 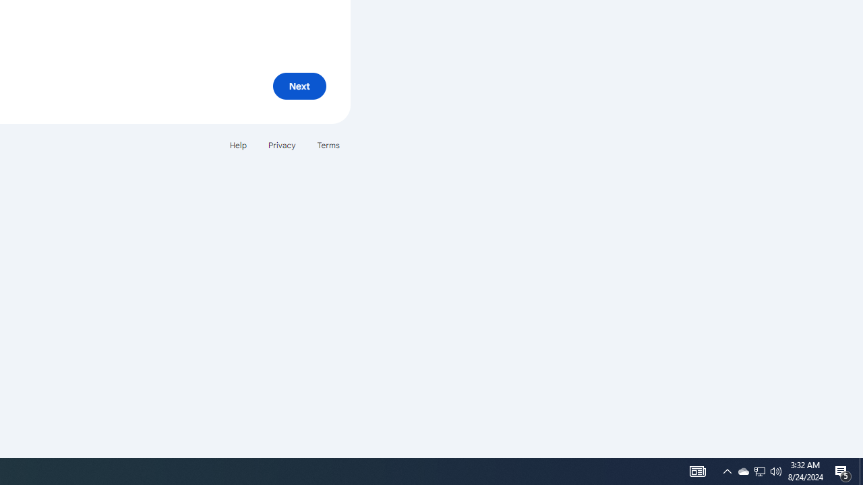 What do you see at coordinates (280, 145) in the screenshot?
I see `'Privacy'` at bounding box center [280, 145].